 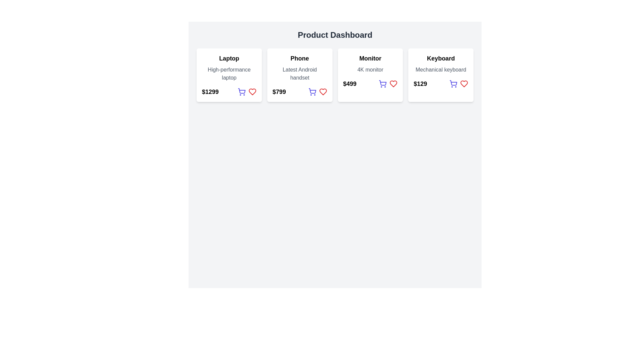 I want to click on the text element displaying '4K monitor' located below the title 'Monitor' within a white card, which is the third card from the left, so click(x=370, y=70).